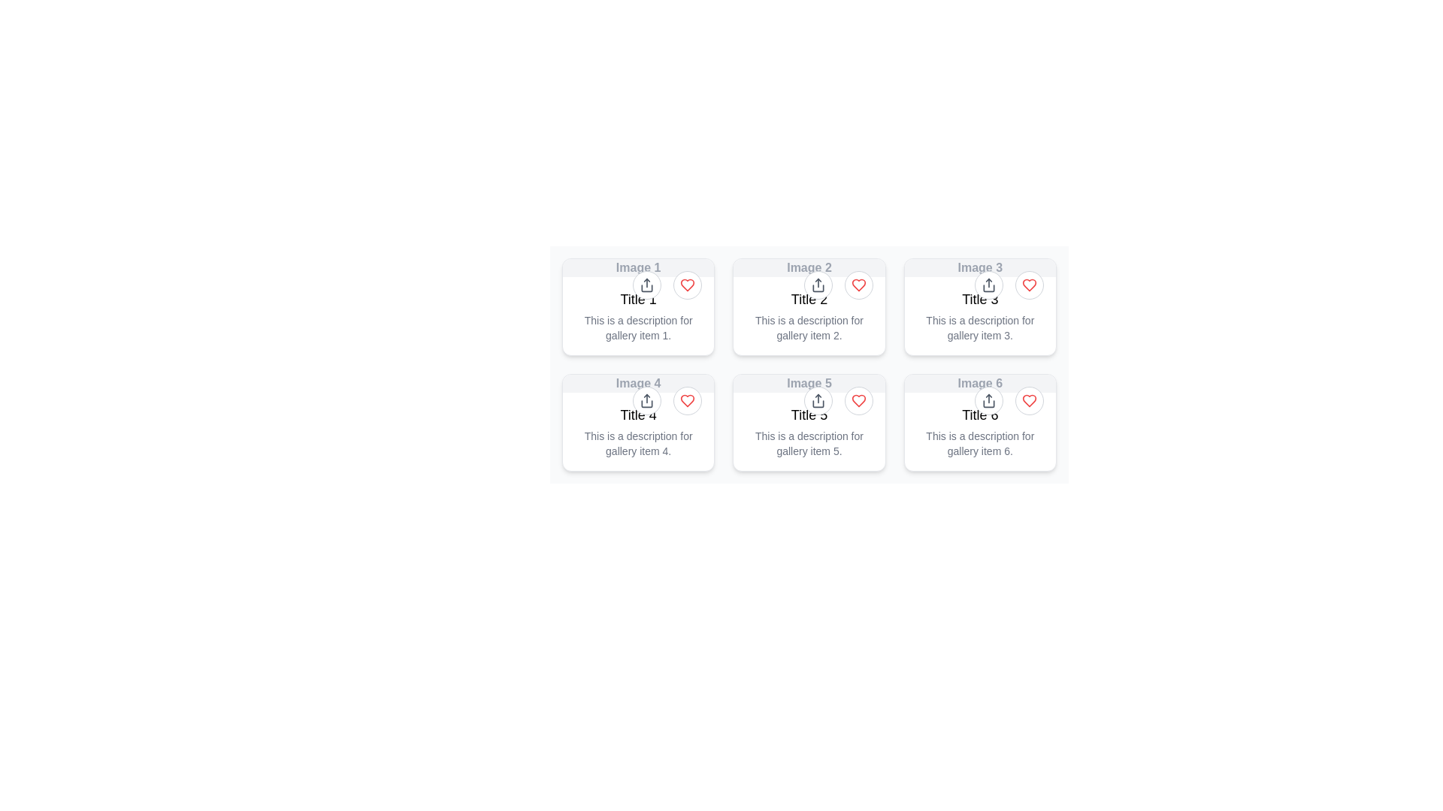  Describe the element at coordinates (687, 399) in the screenshot. I see `the interactive button located at the top-right corner of the card labeled 'Image 4 Title 4'` at that location.